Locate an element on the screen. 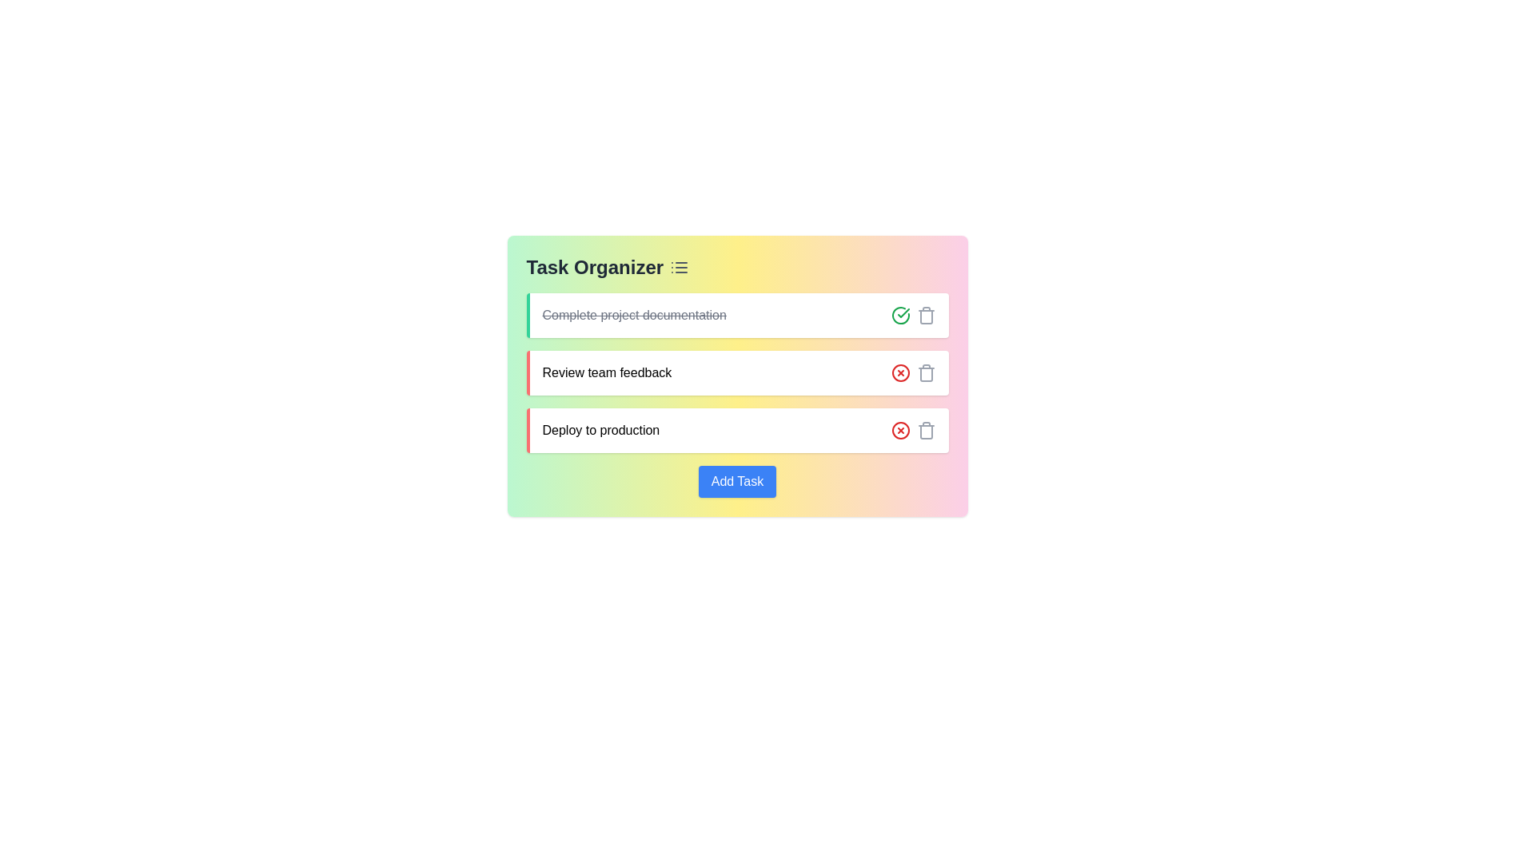 Image resolution: width=1535 pixels, height=863 pixels. the Icon button positioned at the rightmost end of the second task row is located at coordinates (926, 372).